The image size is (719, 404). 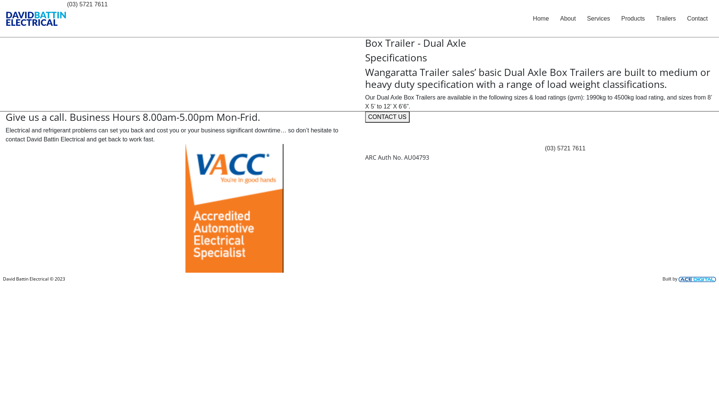 I want to click on 'About', so click(x=568, y=18).